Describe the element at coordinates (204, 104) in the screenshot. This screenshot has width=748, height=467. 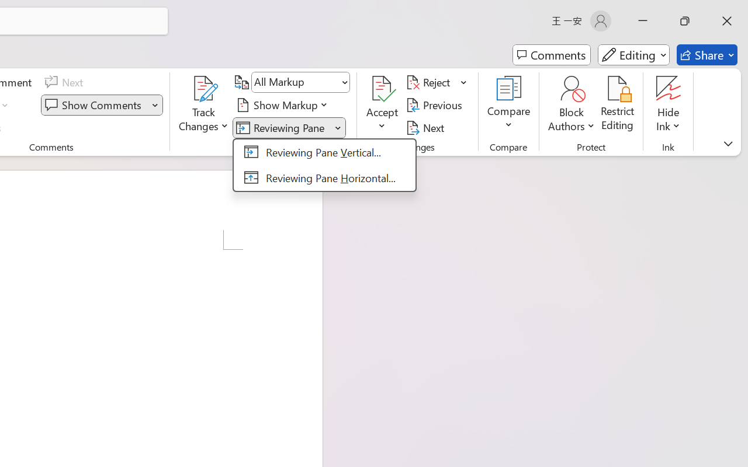
I see `'Track Changes'` at that location.